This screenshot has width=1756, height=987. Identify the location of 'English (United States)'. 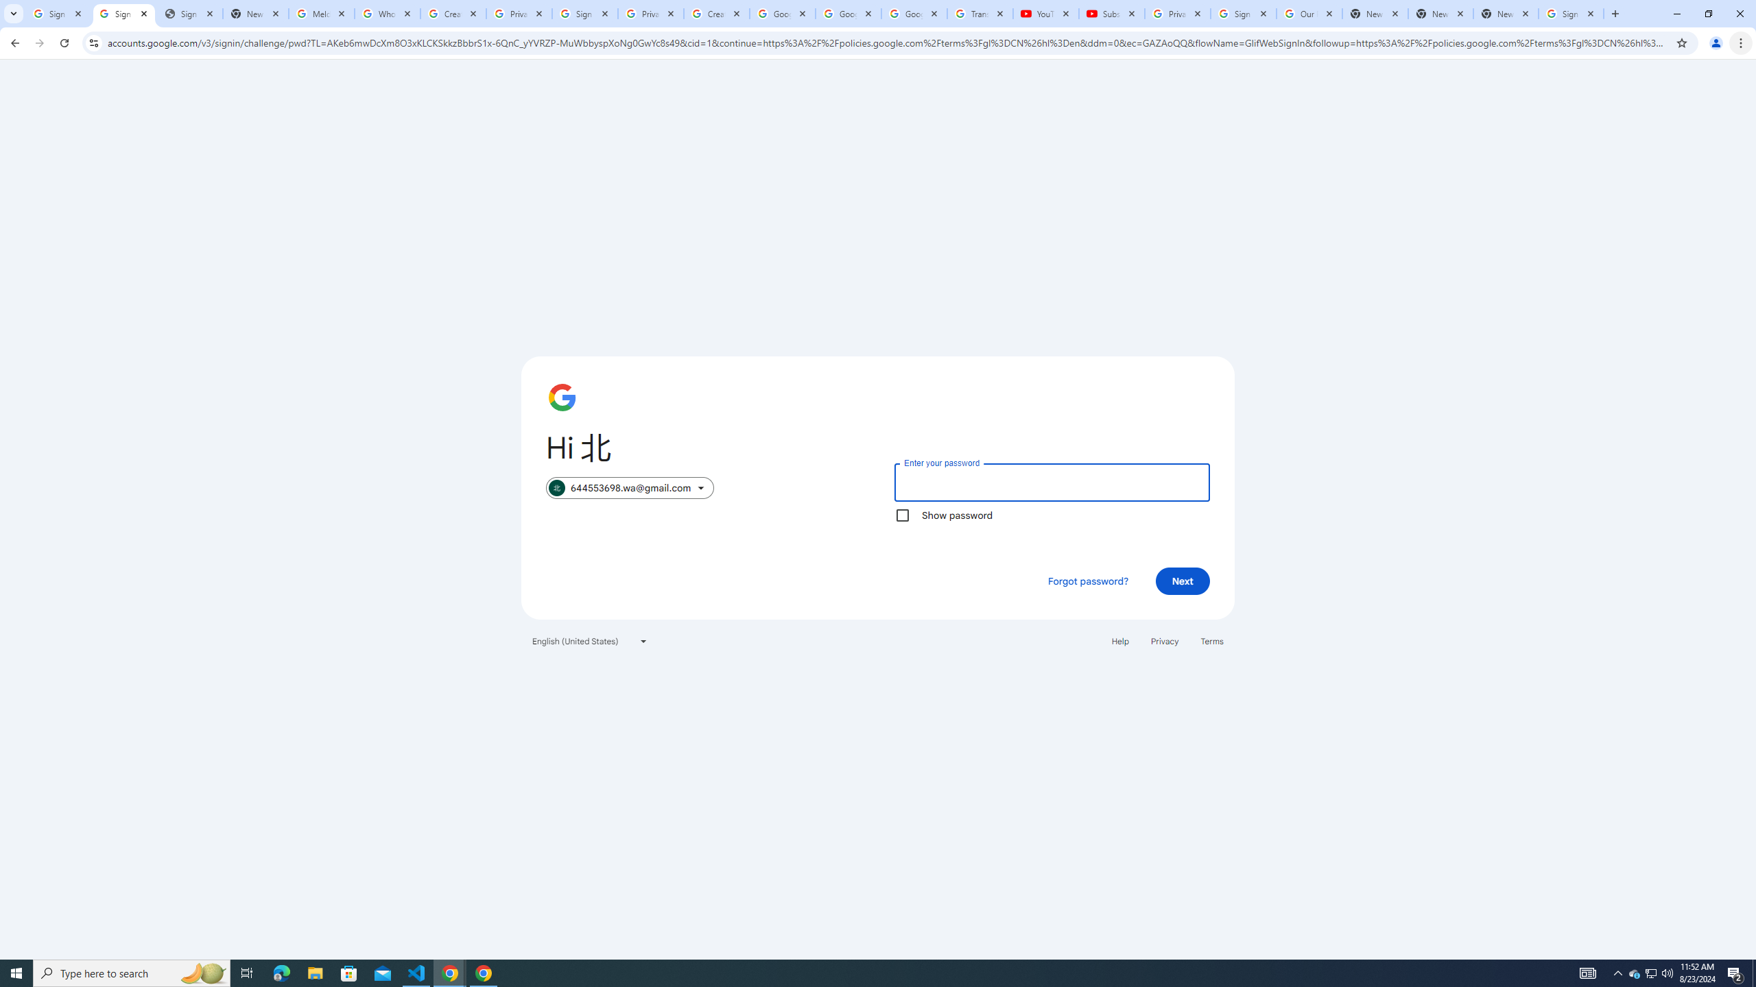
(590, 640).